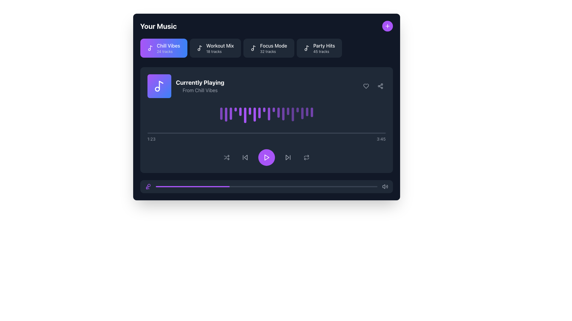 The width and height of the screenshot is (572, 321). What do you see at coordinates (250, 111) in the screenshot?
I see `the seventh vertical bar of the audio visualizer, which animates to reflect the audio's spectrum or beats, located below the title 'Currently Playing' and above the playback controls` at bounding box center [250, 111].